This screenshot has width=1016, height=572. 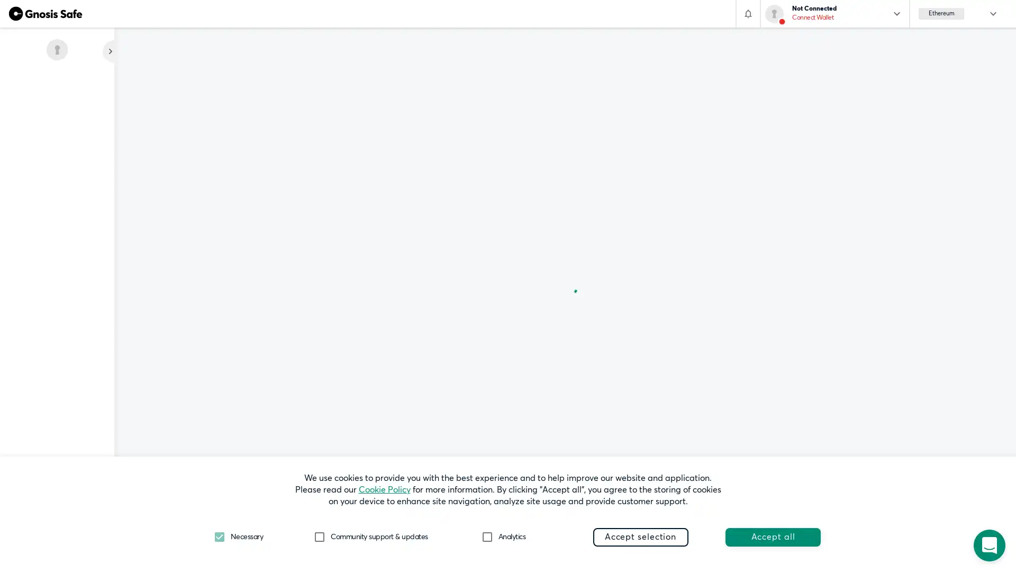 I want to click on Add existing Safe, so click(x=431, y=256).